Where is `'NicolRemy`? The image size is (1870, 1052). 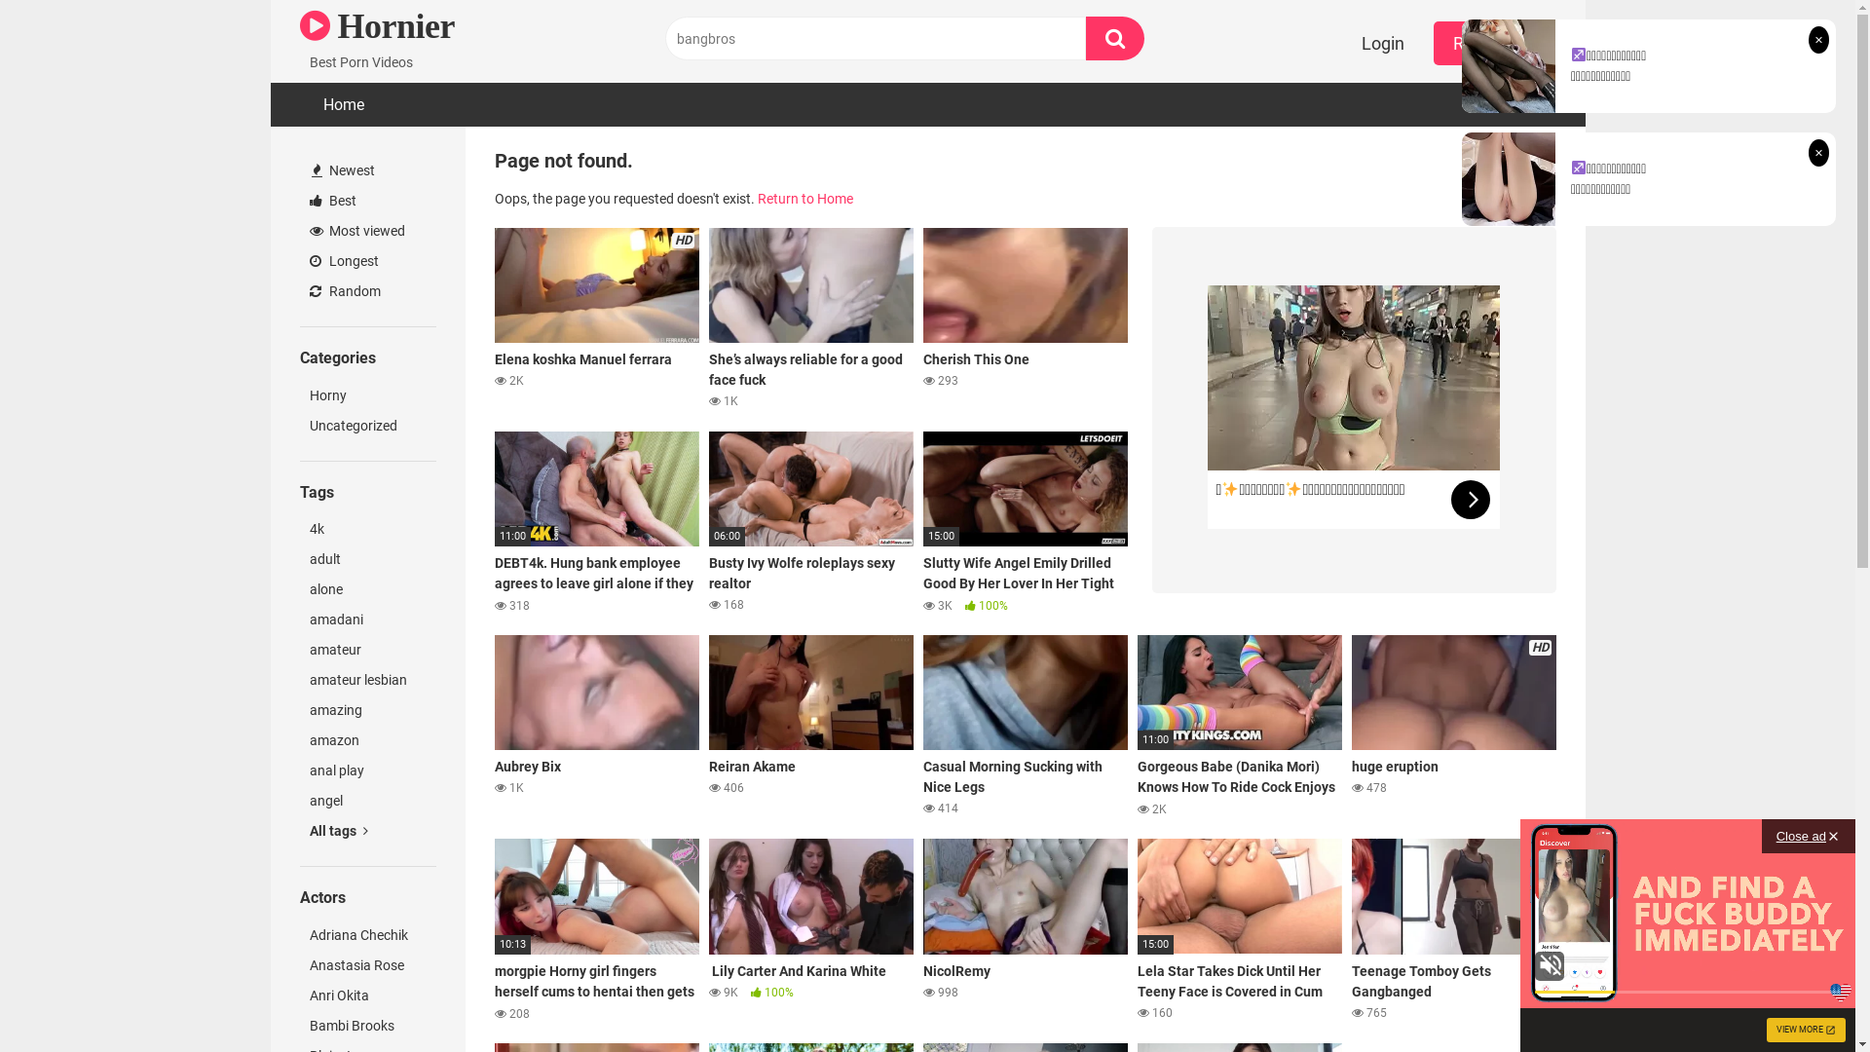 'NicolRemy is located at coordinates (922, 929).